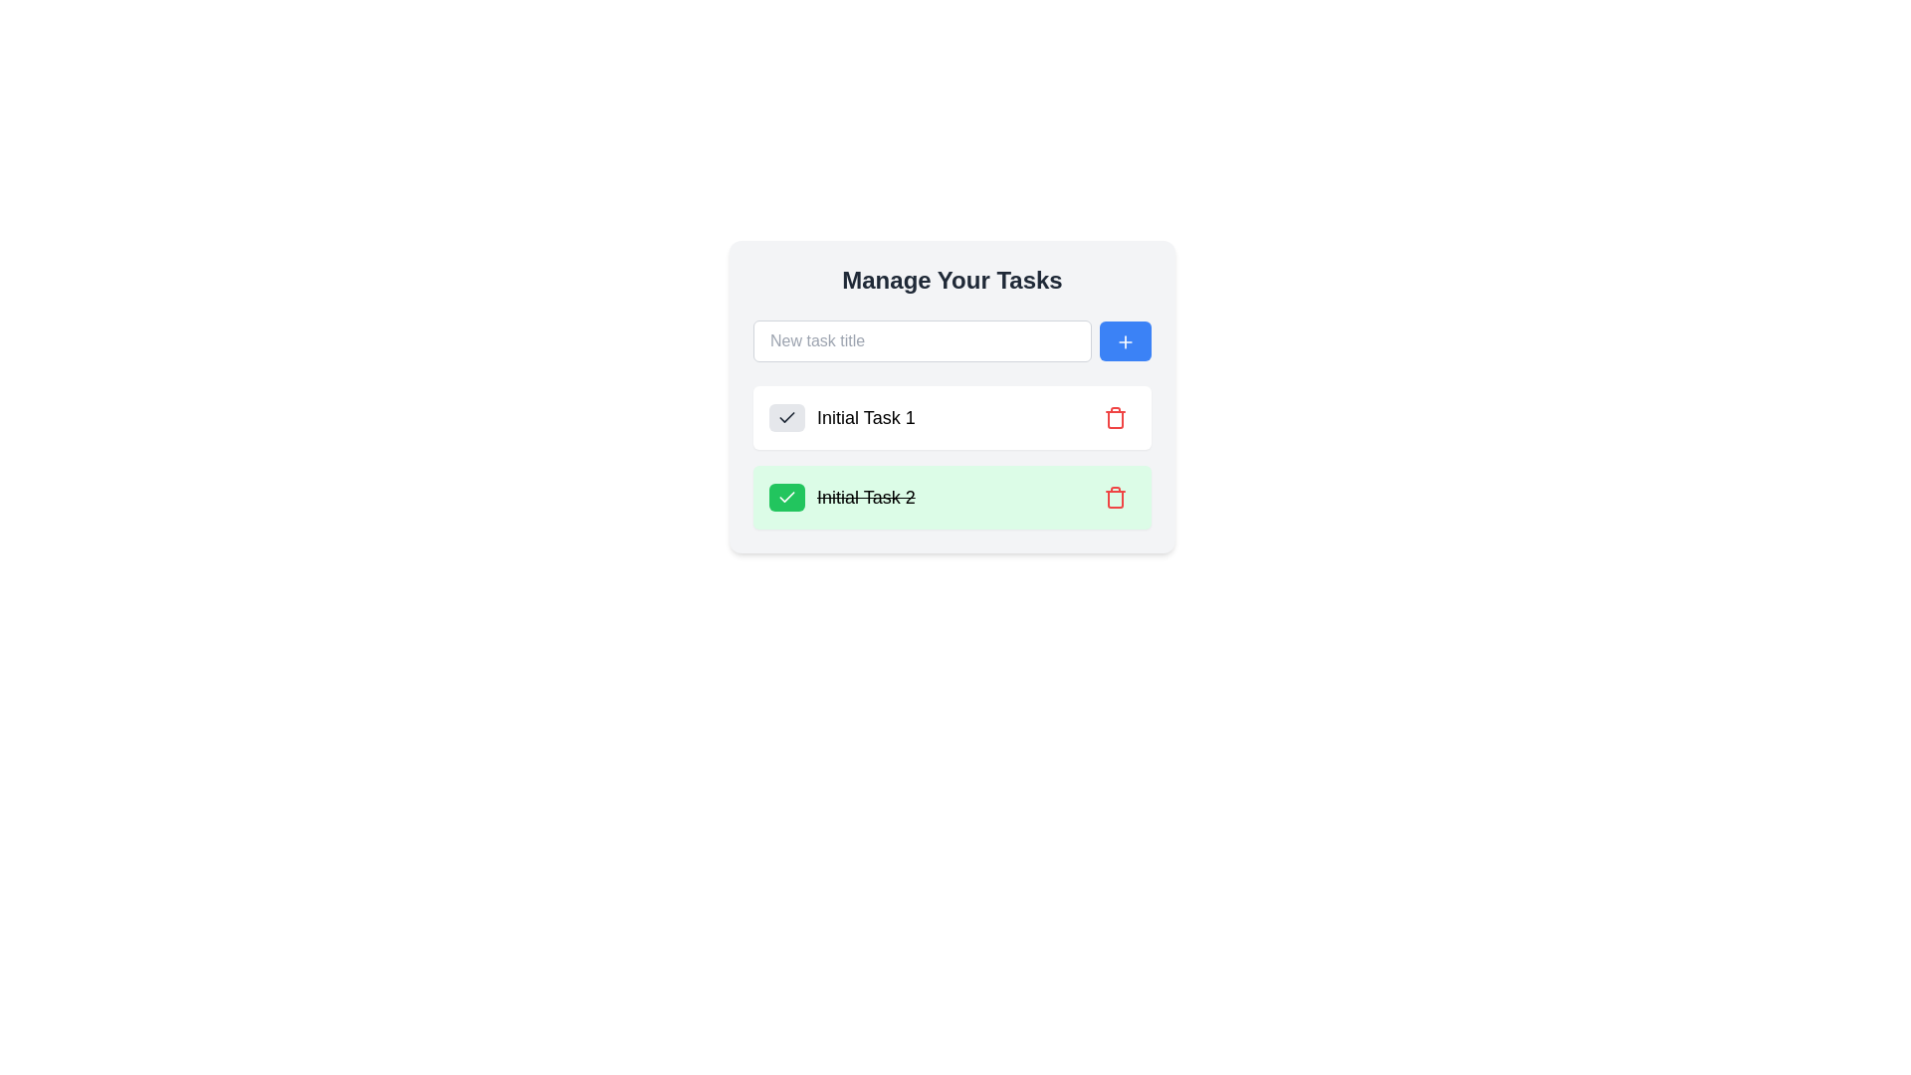 The height and width of the screenshot is (1075, 1911). What do you see at coordinates (1126, 340) in the screenshot?
I see `the blue rectangular button with a white plus icon, located to the right of the 'New task title' input field` at bounding box center [1126, 340].